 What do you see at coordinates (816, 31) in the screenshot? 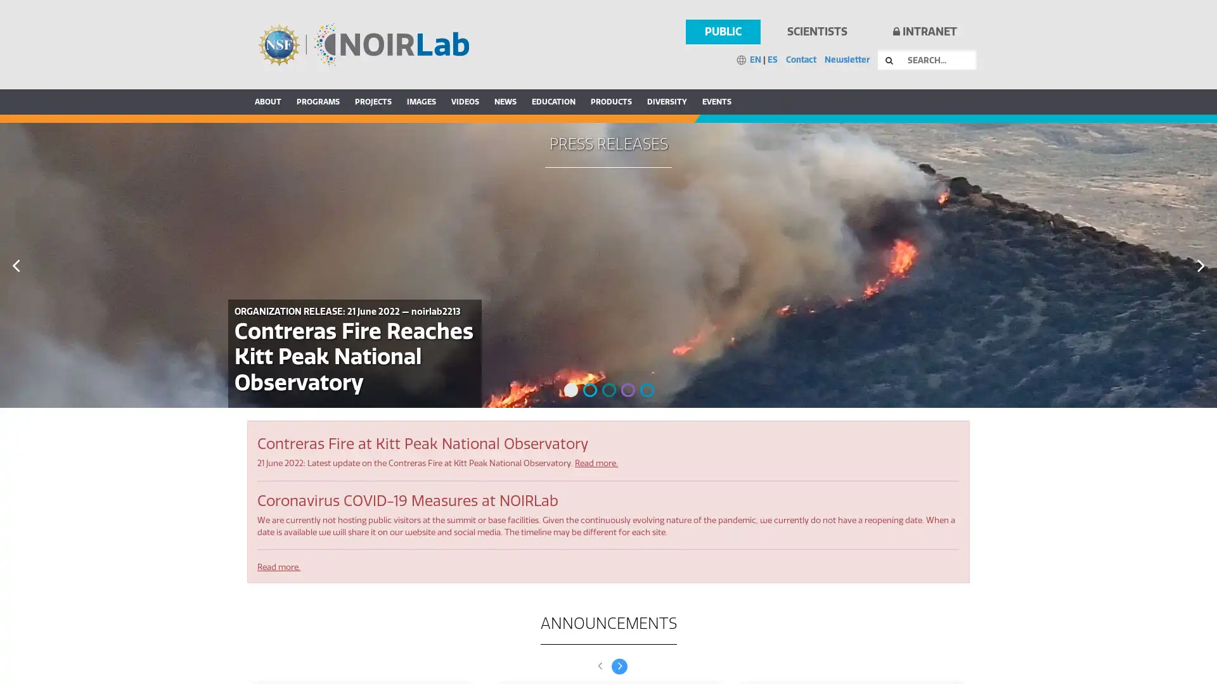
I see `SCIENTISTS` at bounding box center [816, 31].